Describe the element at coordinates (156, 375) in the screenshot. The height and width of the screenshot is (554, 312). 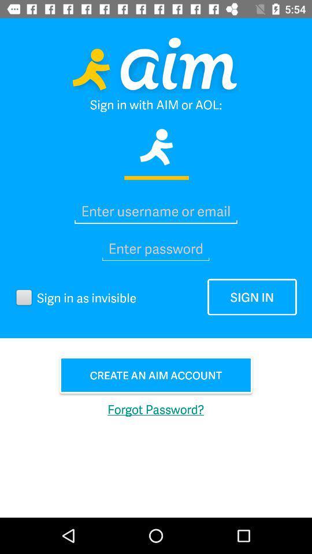
I see `the button below the sign in item` at that location.